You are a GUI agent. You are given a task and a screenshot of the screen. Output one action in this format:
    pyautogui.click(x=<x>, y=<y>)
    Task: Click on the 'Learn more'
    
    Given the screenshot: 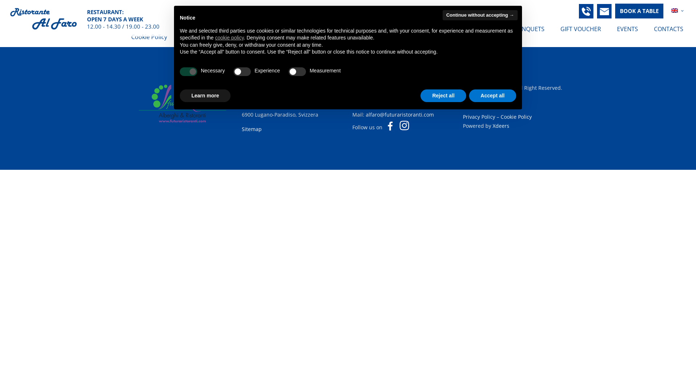 What is the action you would take?
    pyautogui.click(x=205, y=96)
    